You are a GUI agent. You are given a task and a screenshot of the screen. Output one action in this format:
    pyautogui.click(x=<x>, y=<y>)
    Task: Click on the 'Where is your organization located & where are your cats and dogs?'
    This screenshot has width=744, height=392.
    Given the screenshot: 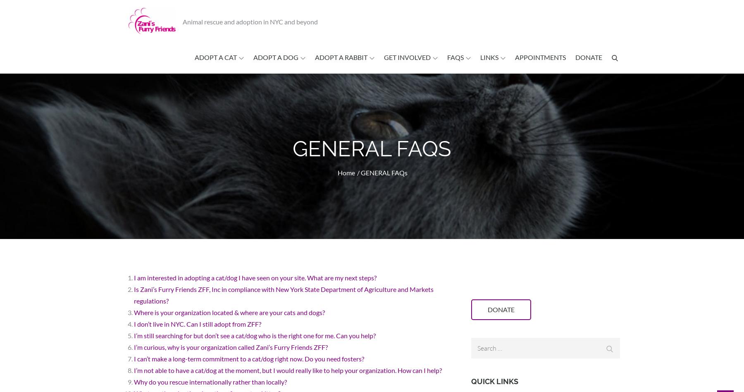 What is the action you would take?
    pyautogui.click(x=134, y=312)
    